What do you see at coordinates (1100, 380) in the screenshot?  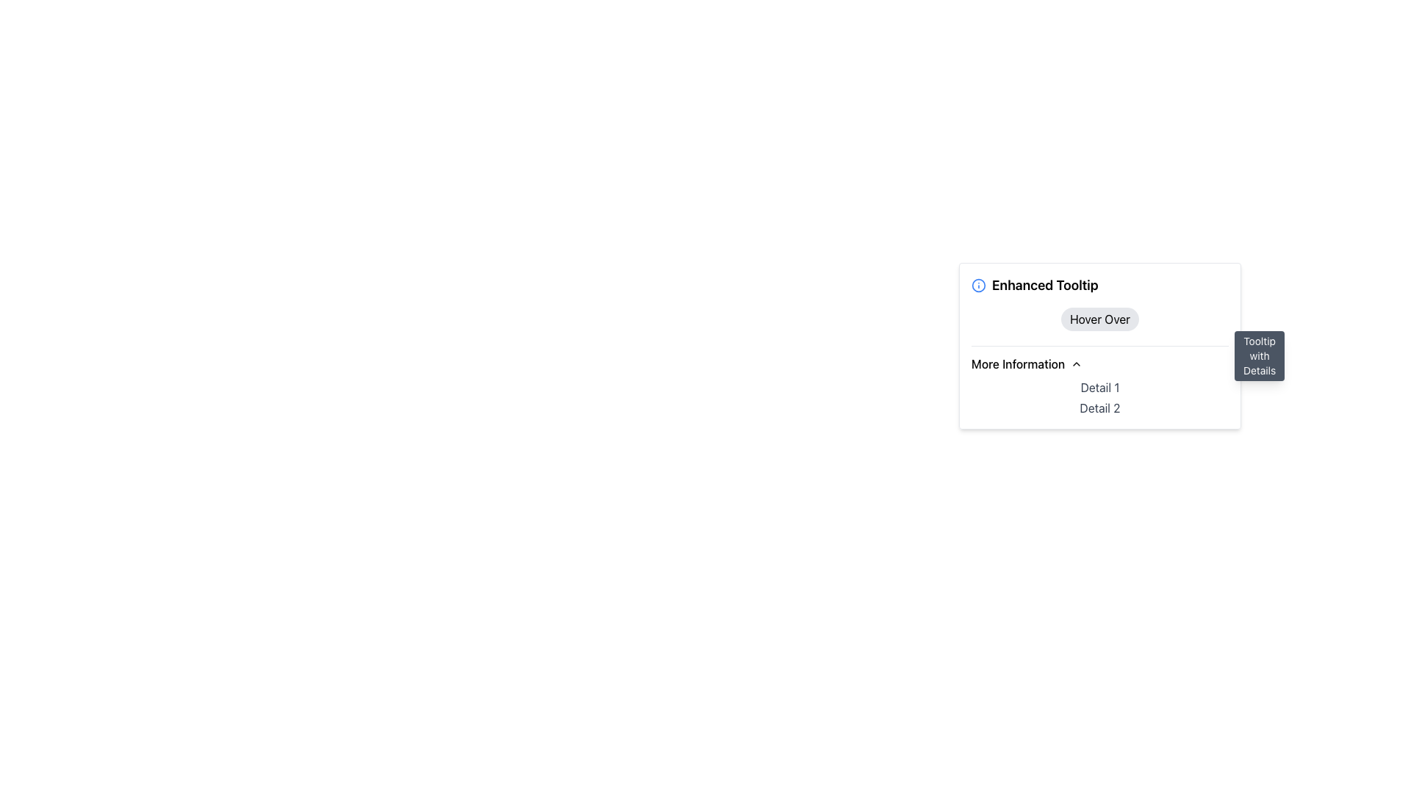 I see `the chevron icon in the 'More Information' section` at bounding box center [1100, 380].